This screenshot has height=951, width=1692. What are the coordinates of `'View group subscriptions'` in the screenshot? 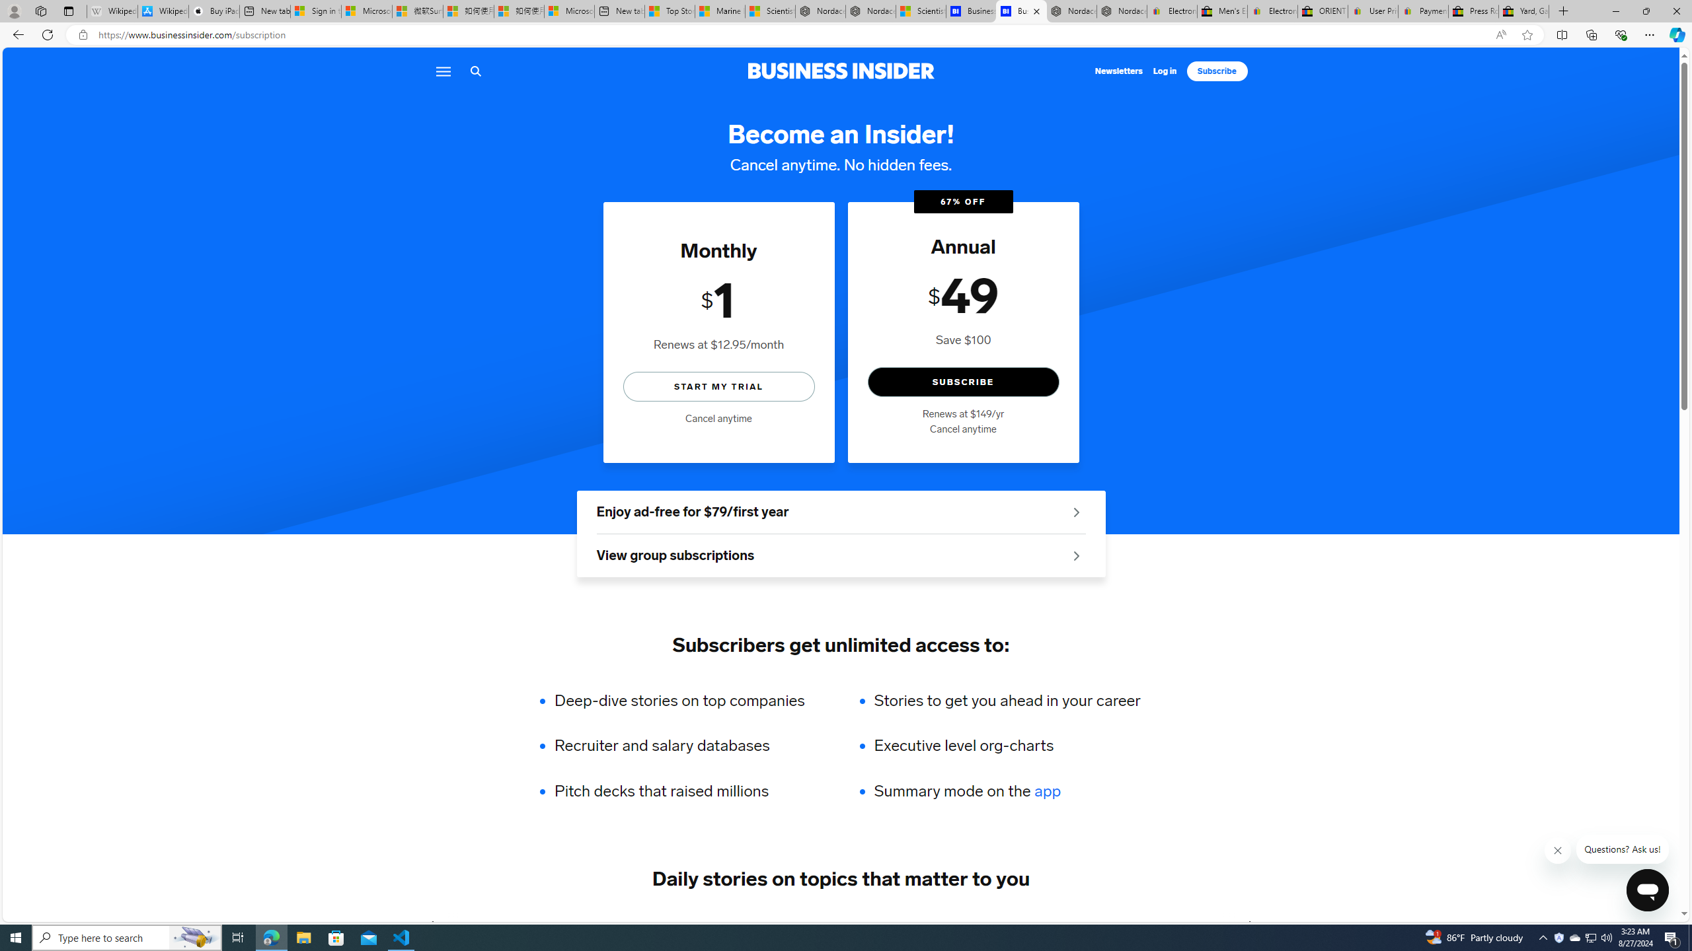 It's located at (840, 556).